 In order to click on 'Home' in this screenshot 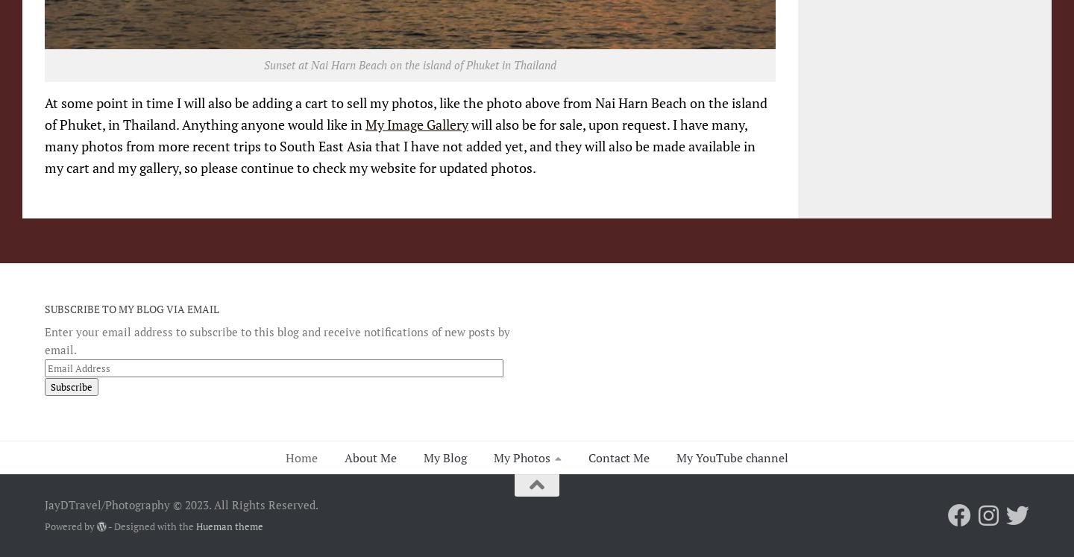, I will do `click(301, 456)`.